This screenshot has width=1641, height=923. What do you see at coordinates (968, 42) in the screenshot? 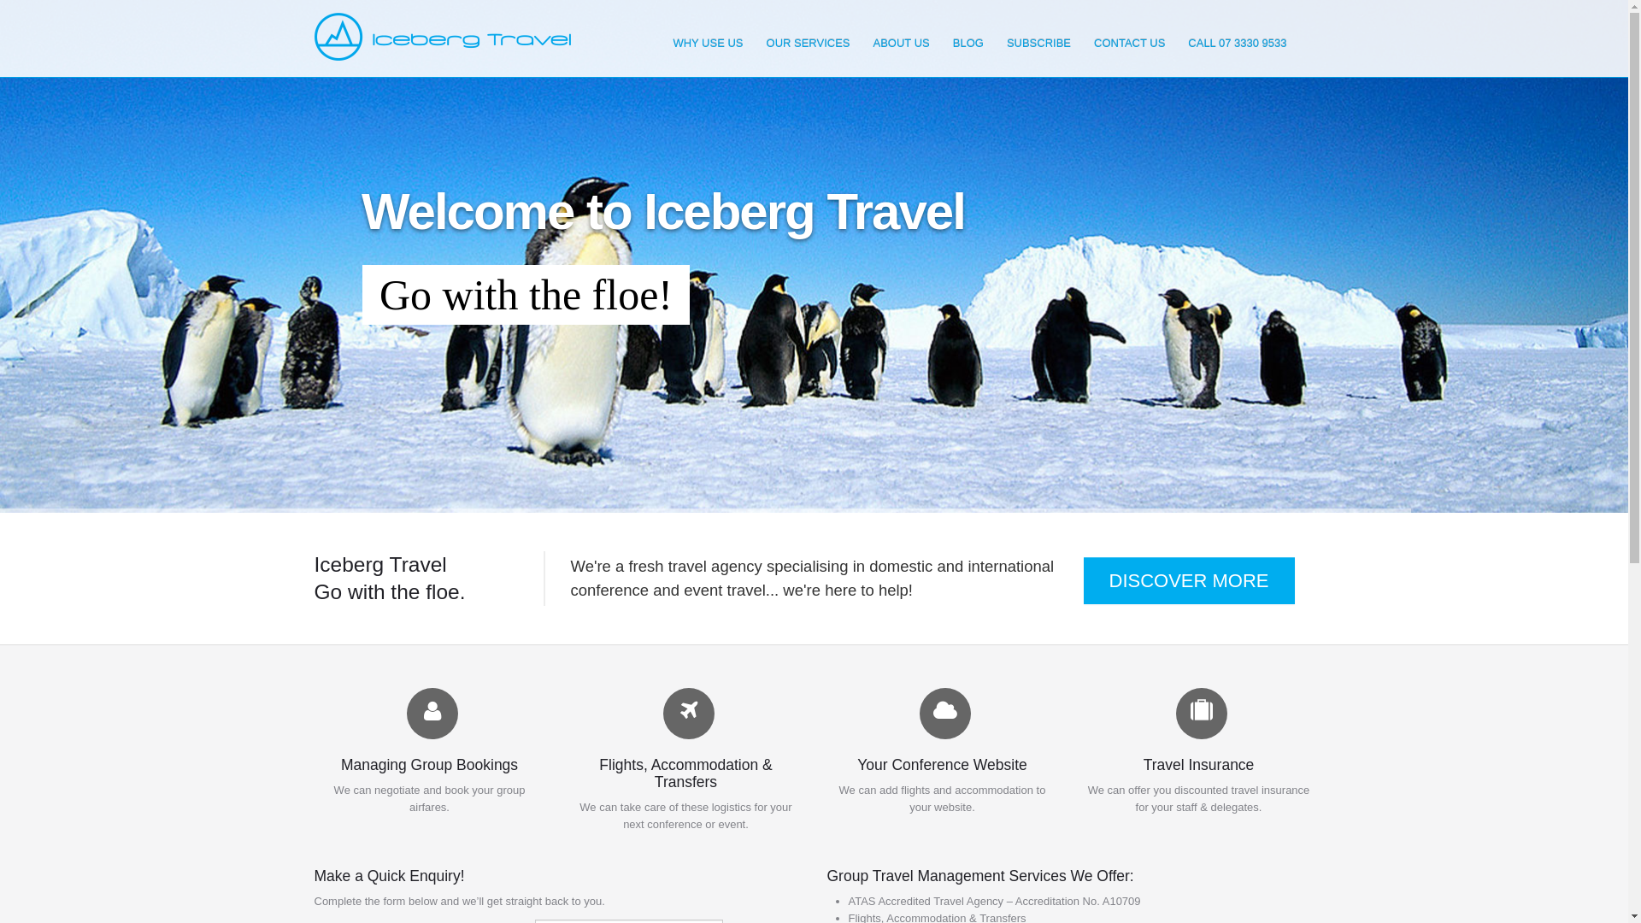
I see `'BLOG'` at bounding box center [968, 42].